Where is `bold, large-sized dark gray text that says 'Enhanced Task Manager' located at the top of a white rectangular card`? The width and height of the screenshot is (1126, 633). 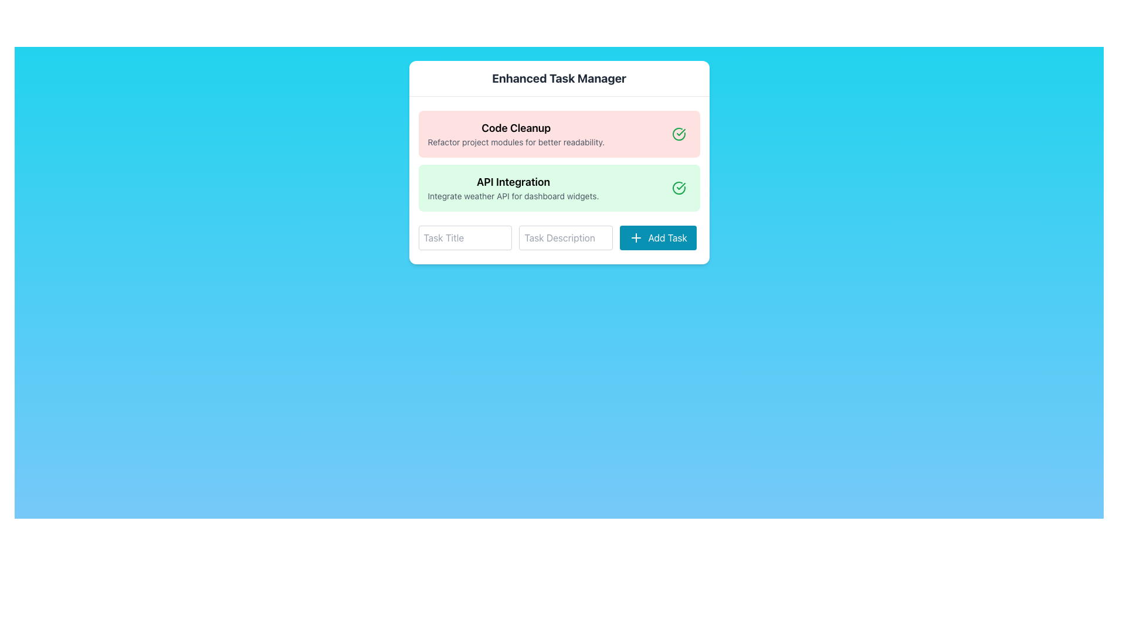
bold, large-sized dark gray text that says 'Enhanced Task Manager' located at the top of a white rectangular card is located at coordinates (558, 79).